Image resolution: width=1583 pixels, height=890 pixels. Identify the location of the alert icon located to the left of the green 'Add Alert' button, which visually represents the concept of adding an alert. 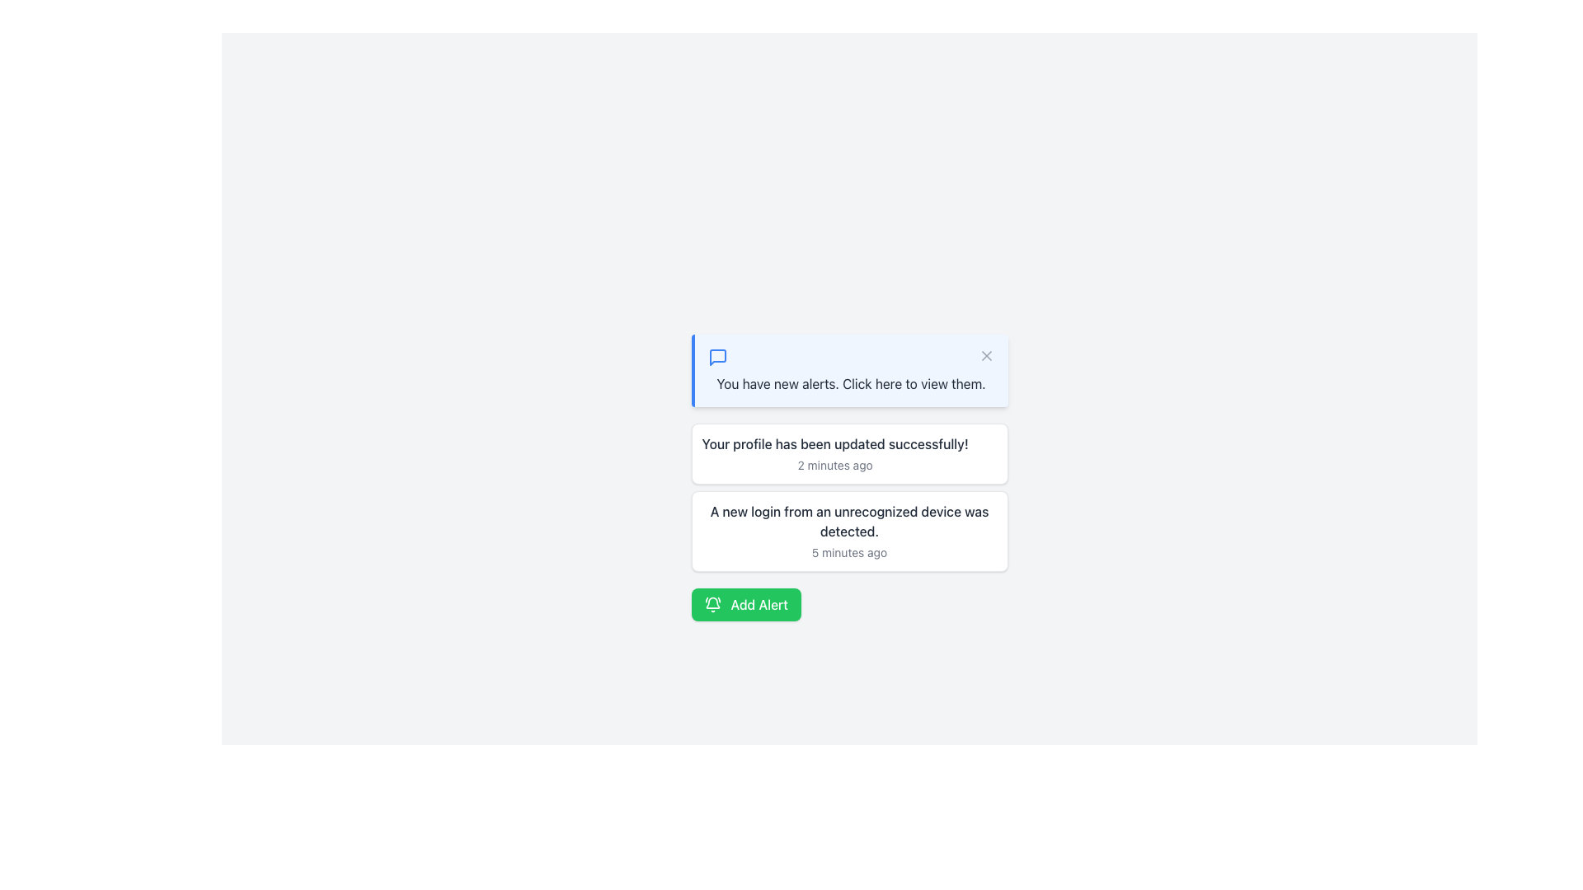
(712, 604).